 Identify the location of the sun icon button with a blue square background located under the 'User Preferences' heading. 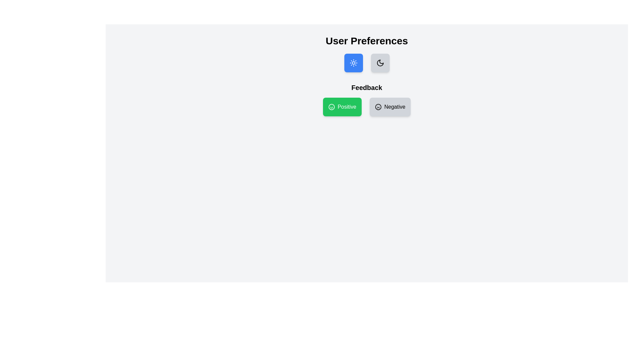
(353, 63).